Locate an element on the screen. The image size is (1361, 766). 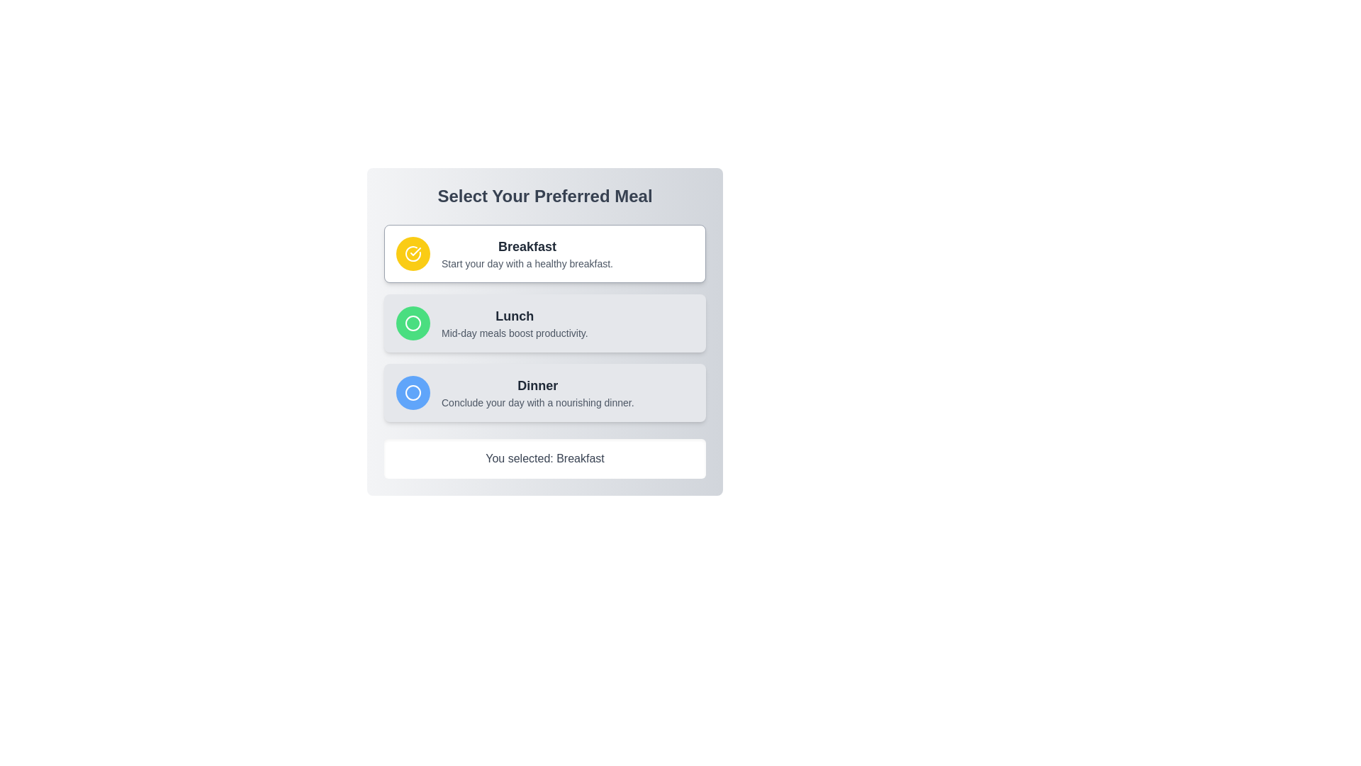
the green circular Decorative icon with a white border, located to the left of the 'Lunch' option in the meal selection list is located at coordinates (412, 323).